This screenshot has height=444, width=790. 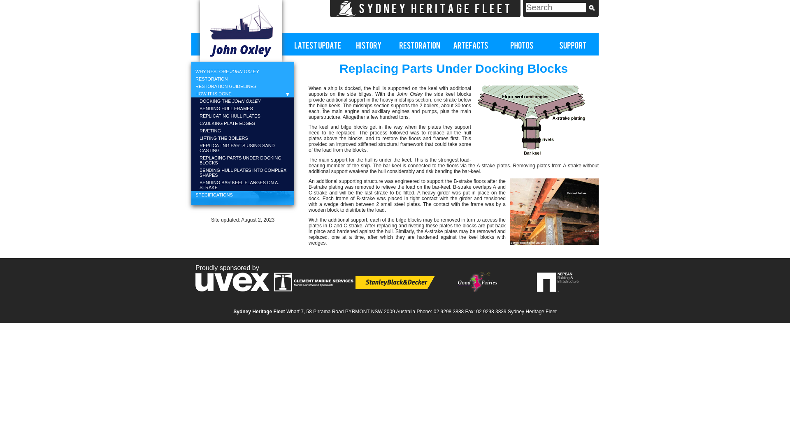 What do you see at coordinates (242, 195) in the screenshot?
I see `'SPECIFICATIONS'` at bounding box center [242, 195].